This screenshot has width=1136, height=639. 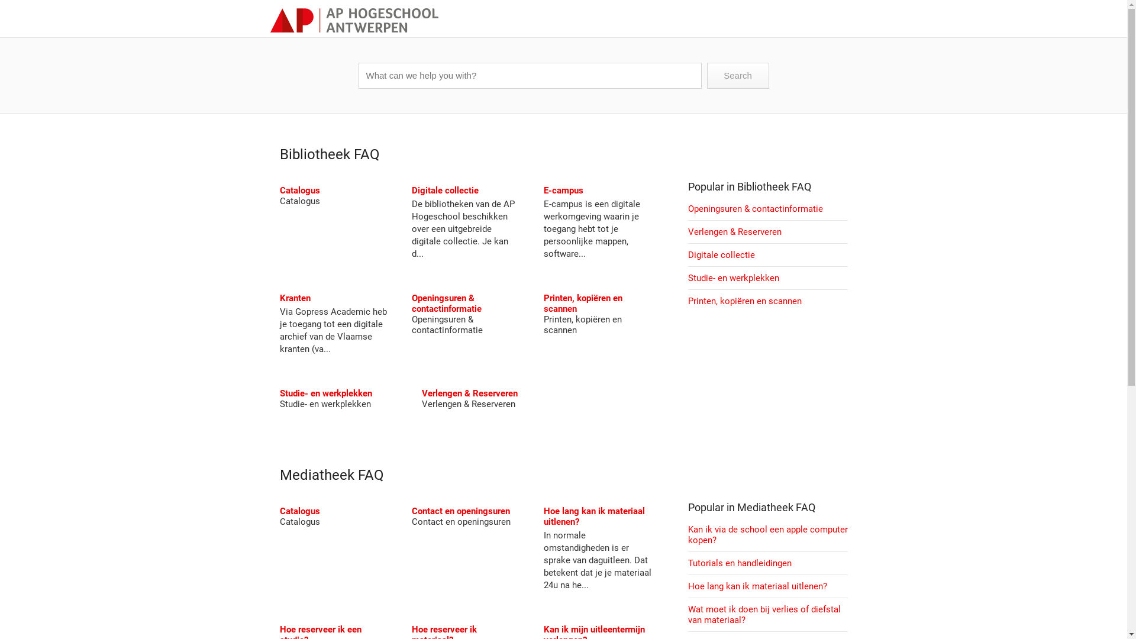 What do you see at coordinates (325, 393) in the screenshot?
I see `'Studie- en werkplekken'` at bounding box center [325, 393].